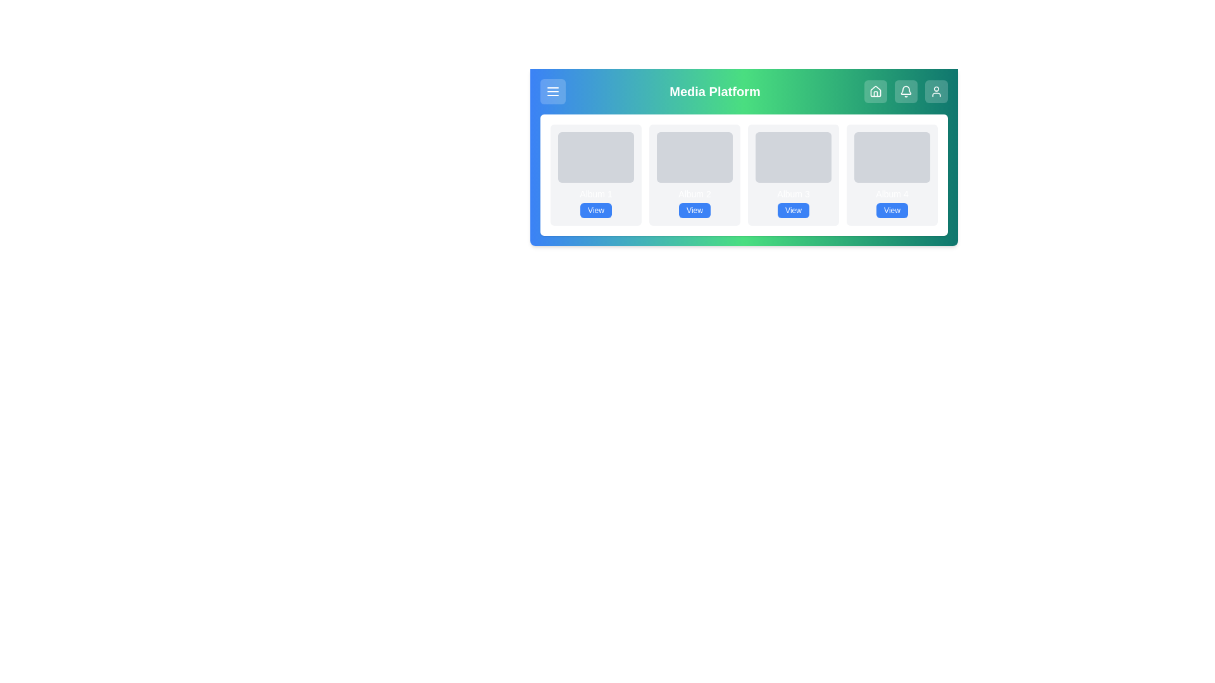  What do you see at coordinates (935, 91) in the screenshot?
I see `the profile button to navigate to the corresponding section` at bounding box center [935, 91].